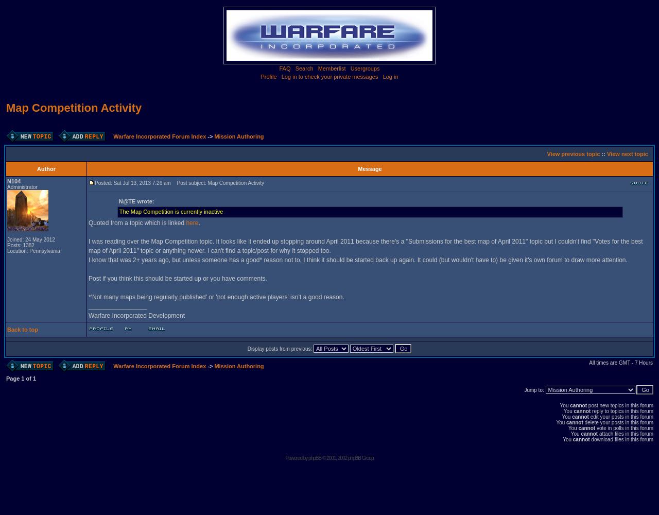 The width and height of the screenshot is (659, 515). Describe the element at coordinates (31, 239) in the screenshot. I see `'Joined: 24 May 2012'` at that location.